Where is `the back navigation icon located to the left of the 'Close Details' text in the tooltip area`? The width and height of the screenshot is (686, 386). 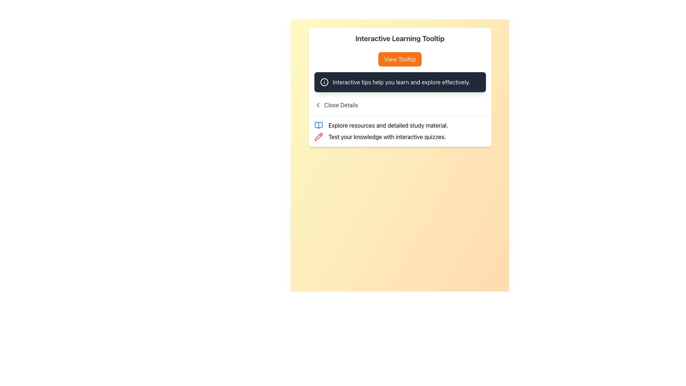 the back navigation icon located to the left of the 'Close Details' text in the tooltip area is located at coordinates (317, 105).